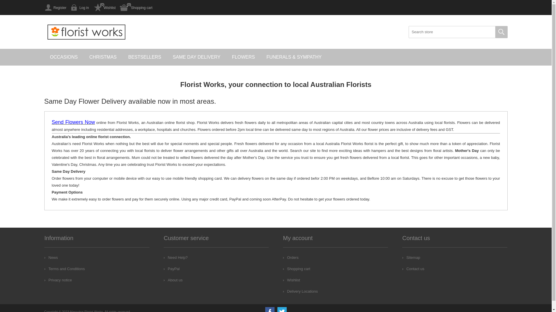 The height and width of the screenshot is (312, 556). What do you see at coordinates (55, 8) in the screenshot?
I see `'Register'` at bounding box center [55, 8].